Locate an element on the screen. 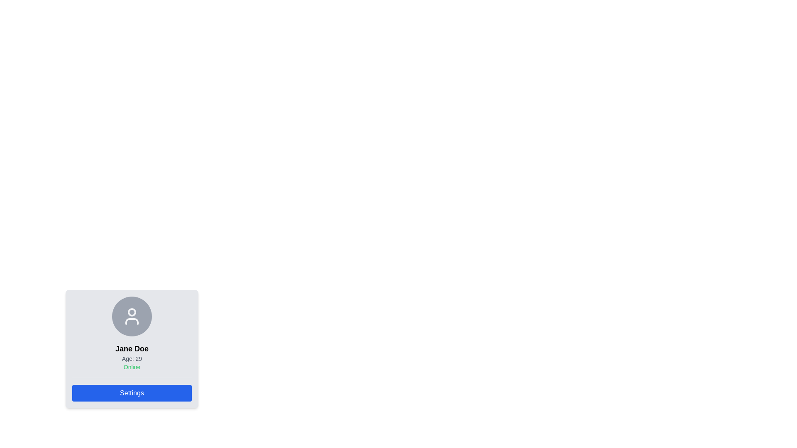  the circular avatar placeholder with a gray background and user icon, located above the text 'Jane Doe', 'Age: 29', and 'Online' is located at coordinates (131, 317).